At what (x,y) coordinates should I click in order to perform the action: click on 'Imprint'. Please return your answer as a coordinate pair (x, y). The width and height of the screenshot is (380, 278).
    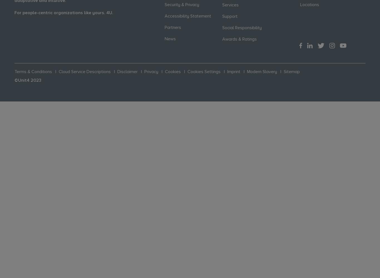
    Looking at the image, I should click on (233, 71).